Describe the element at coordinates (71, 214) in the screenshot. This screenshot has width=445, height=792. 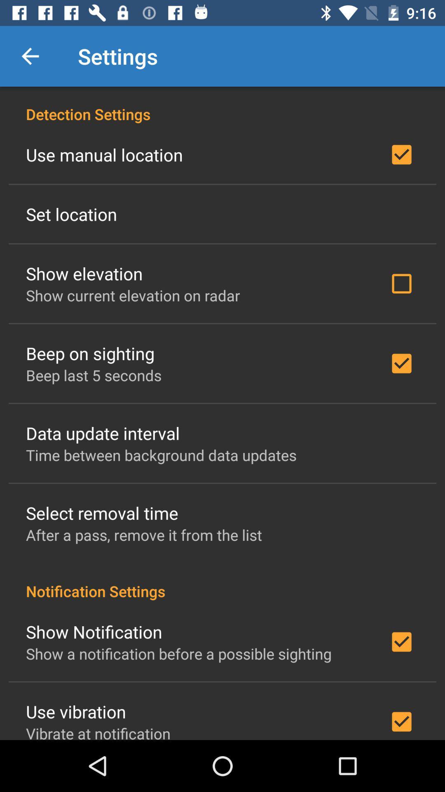
I see `the set location` at that location.